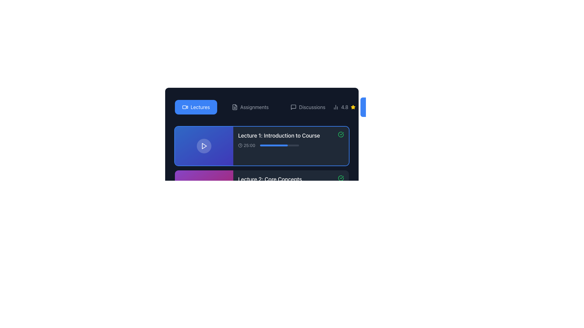 The width and height of the screenshot is (584, 328). I want to click on the slider, so click(294, 145).